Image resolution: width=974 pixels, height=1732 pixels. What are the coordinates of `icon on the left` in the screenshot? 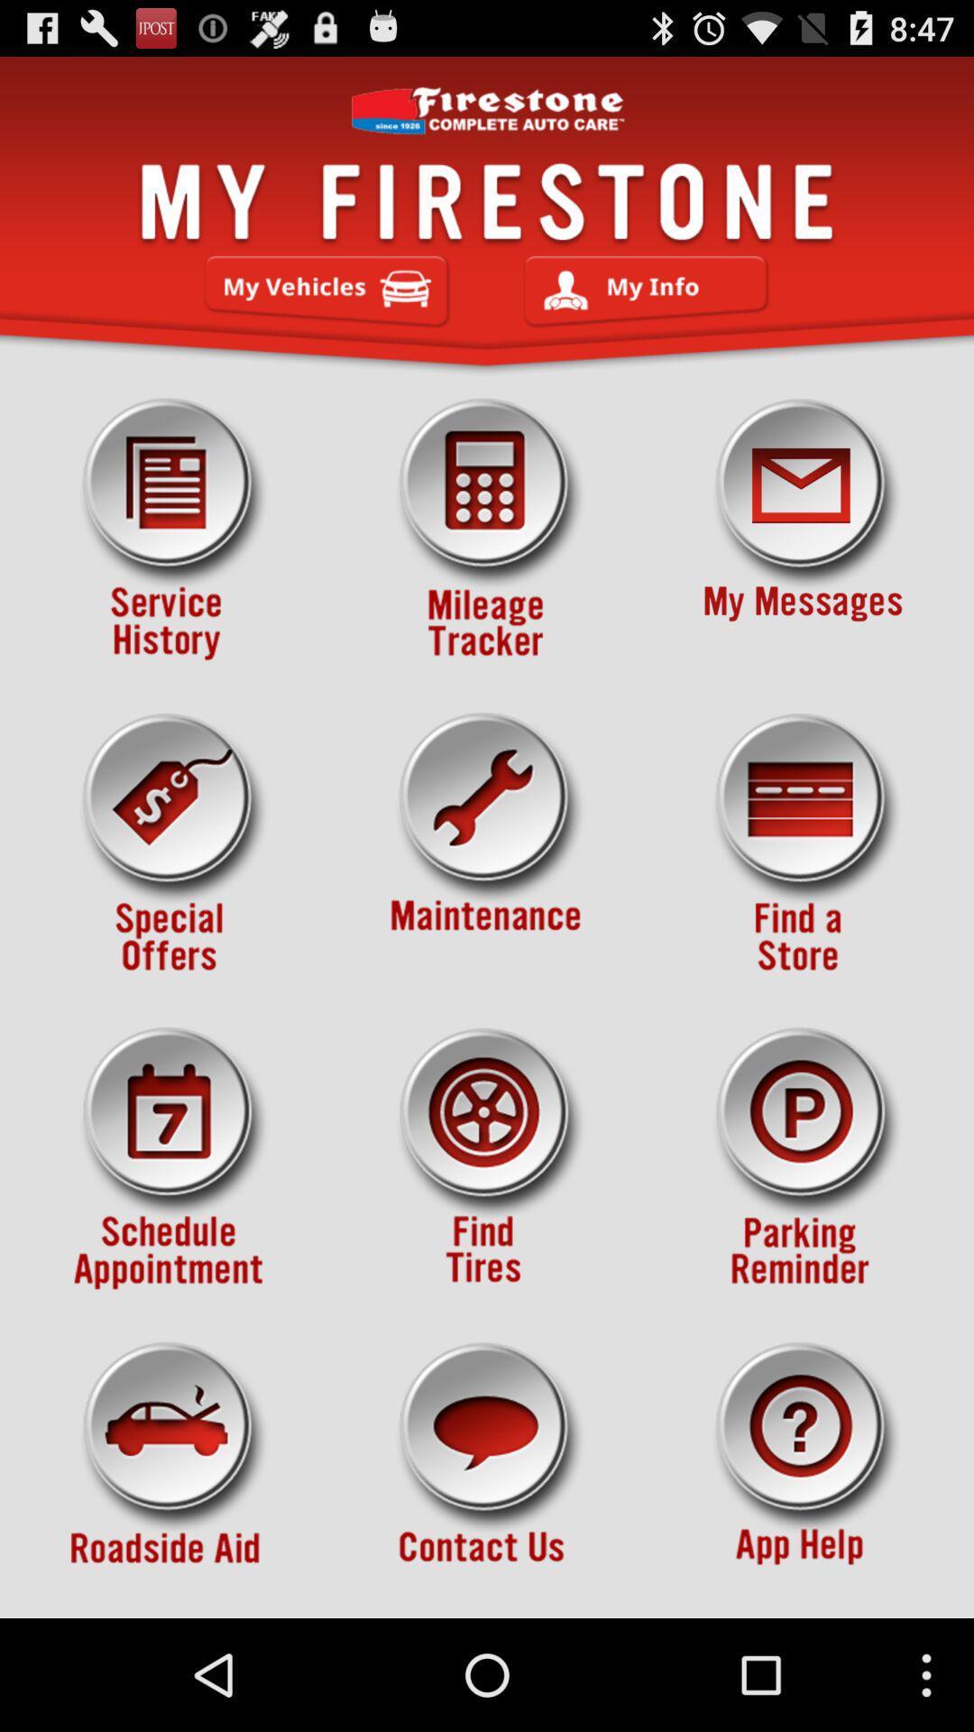 It's located at (170, 843).